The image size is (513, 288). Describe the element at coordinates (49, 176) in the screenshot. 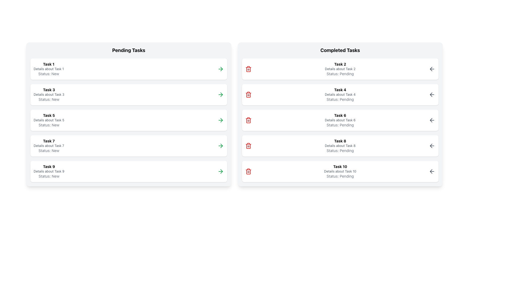

I see `the text label indicating the current status of the task labeled 'New' located in the 'Task 9' panel under 'Pending Tasks'` at that location.